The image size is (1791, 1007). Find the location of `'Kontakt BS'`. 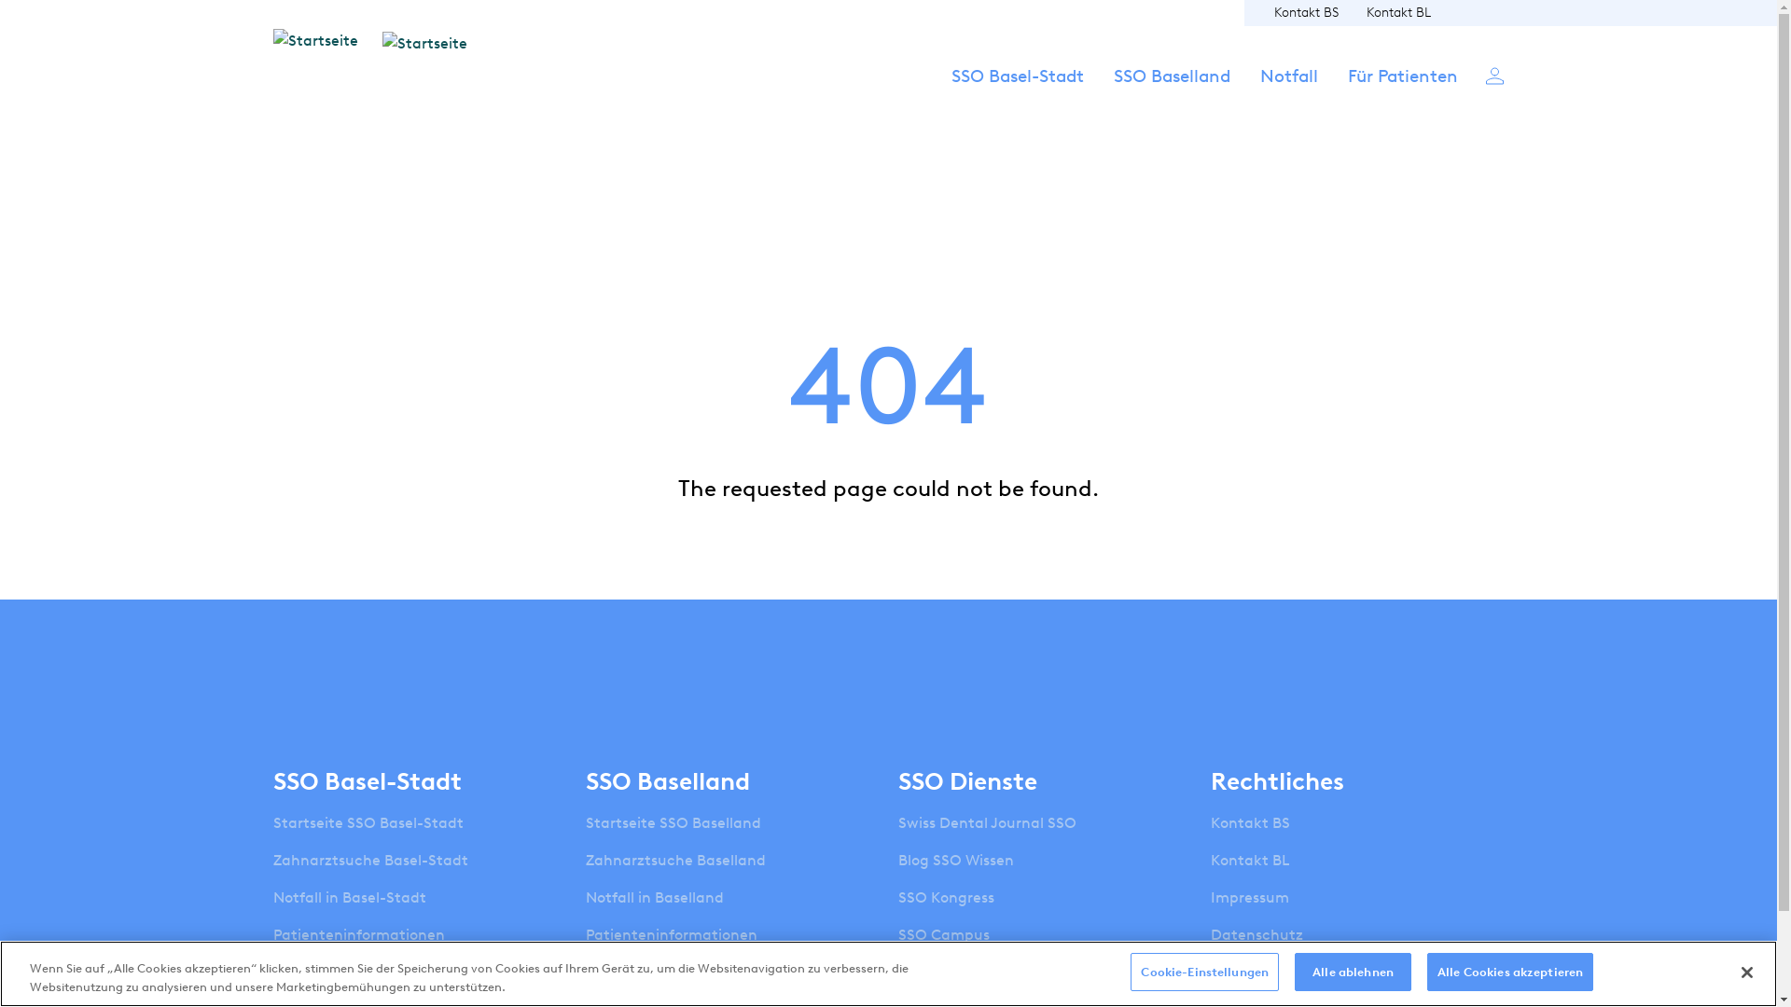

'Kontakt BS' is located at coordinates (1305, 12).